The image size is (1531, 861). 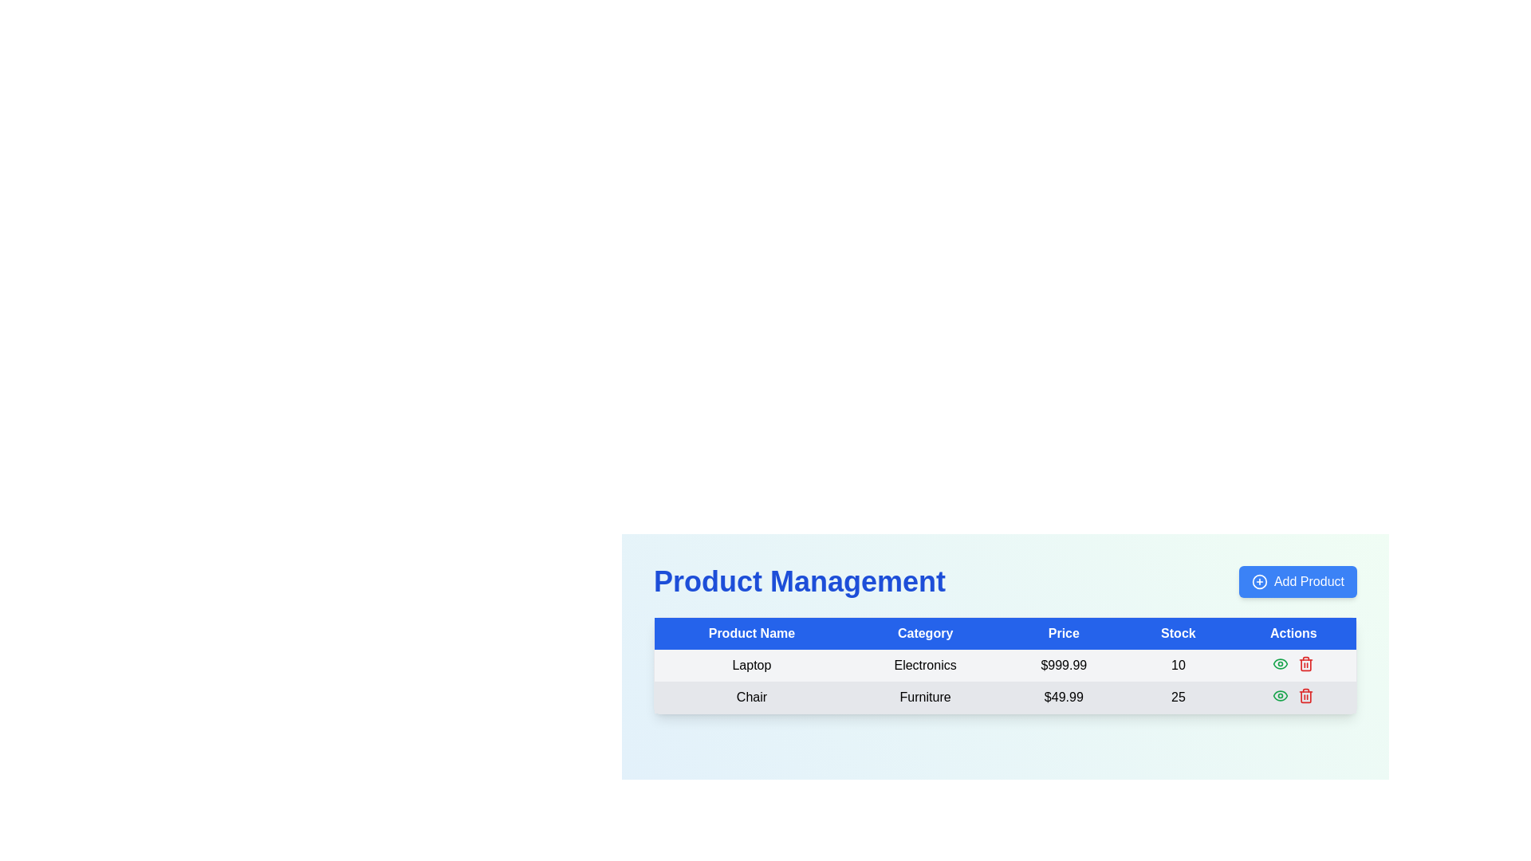 What do you see at coordinates (925, 665) in the screenshot?
I see `the table cell in the second column of the first data row under the 'Category' header in the 'Product Management' table, which contains the category of the listed product` at bounding box center [925, 665].